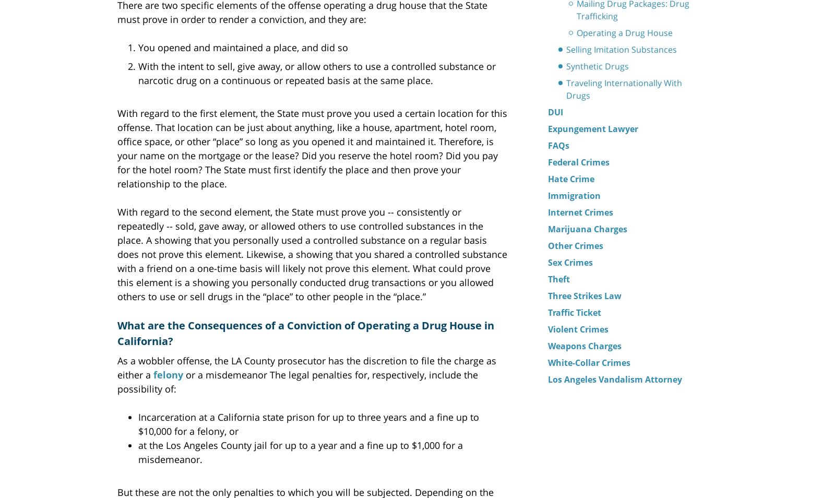 The image size is (835, 498). What do you see at coordinates (300, 452) in the screenshot?
I see `'at the Los Angeles County jail for up to a year and a fine up to $1,000 for a misdemeanor.'` at bounding box center [300, 452].